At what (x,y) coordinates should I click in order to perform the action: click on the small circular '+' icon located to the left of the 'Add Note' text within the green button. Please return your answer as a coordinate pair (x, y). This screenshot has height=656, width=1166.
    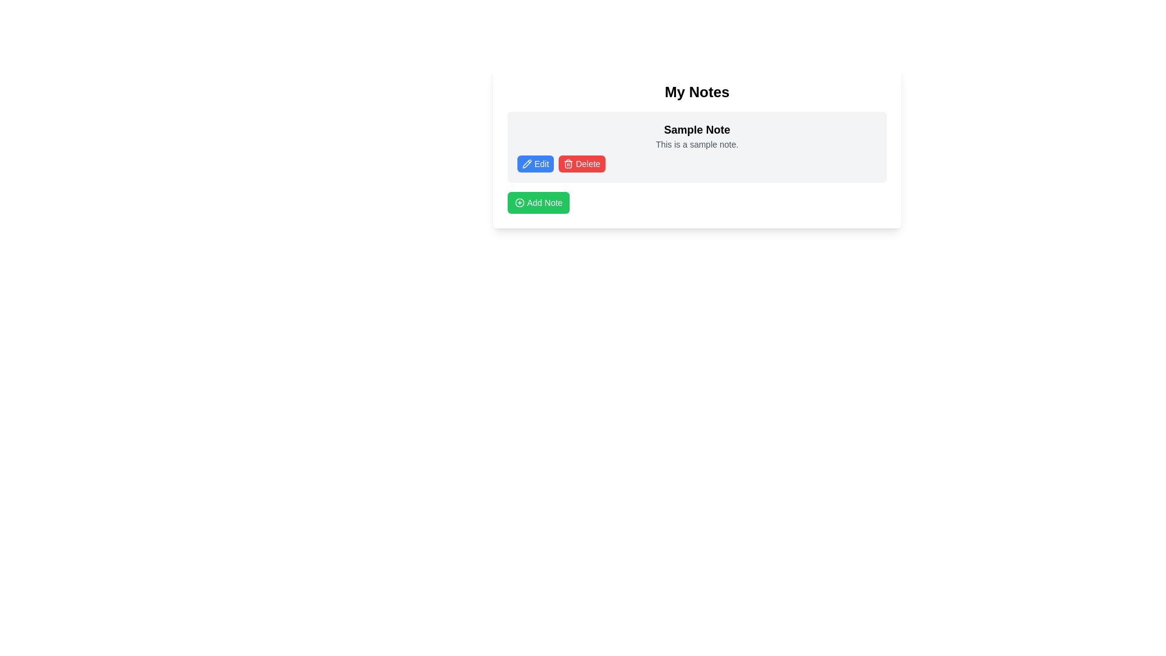
    Looking at the image, I should click on (519, 202).